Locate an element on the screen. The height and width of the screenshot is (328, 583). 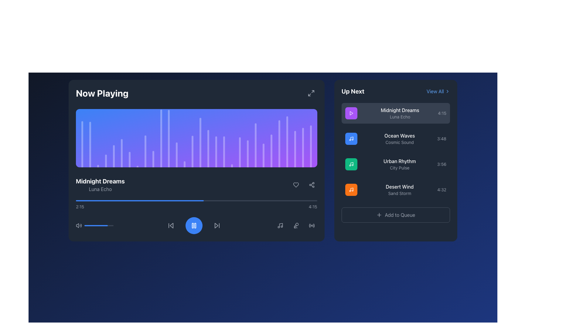
the height or animation of the Graphic visualizer bar, which is a vertical bar with rounded ends and a gradient coloring scheme, located in the Now Playing area of the spectrum visualizer interface is located at coordinates (287, 142).